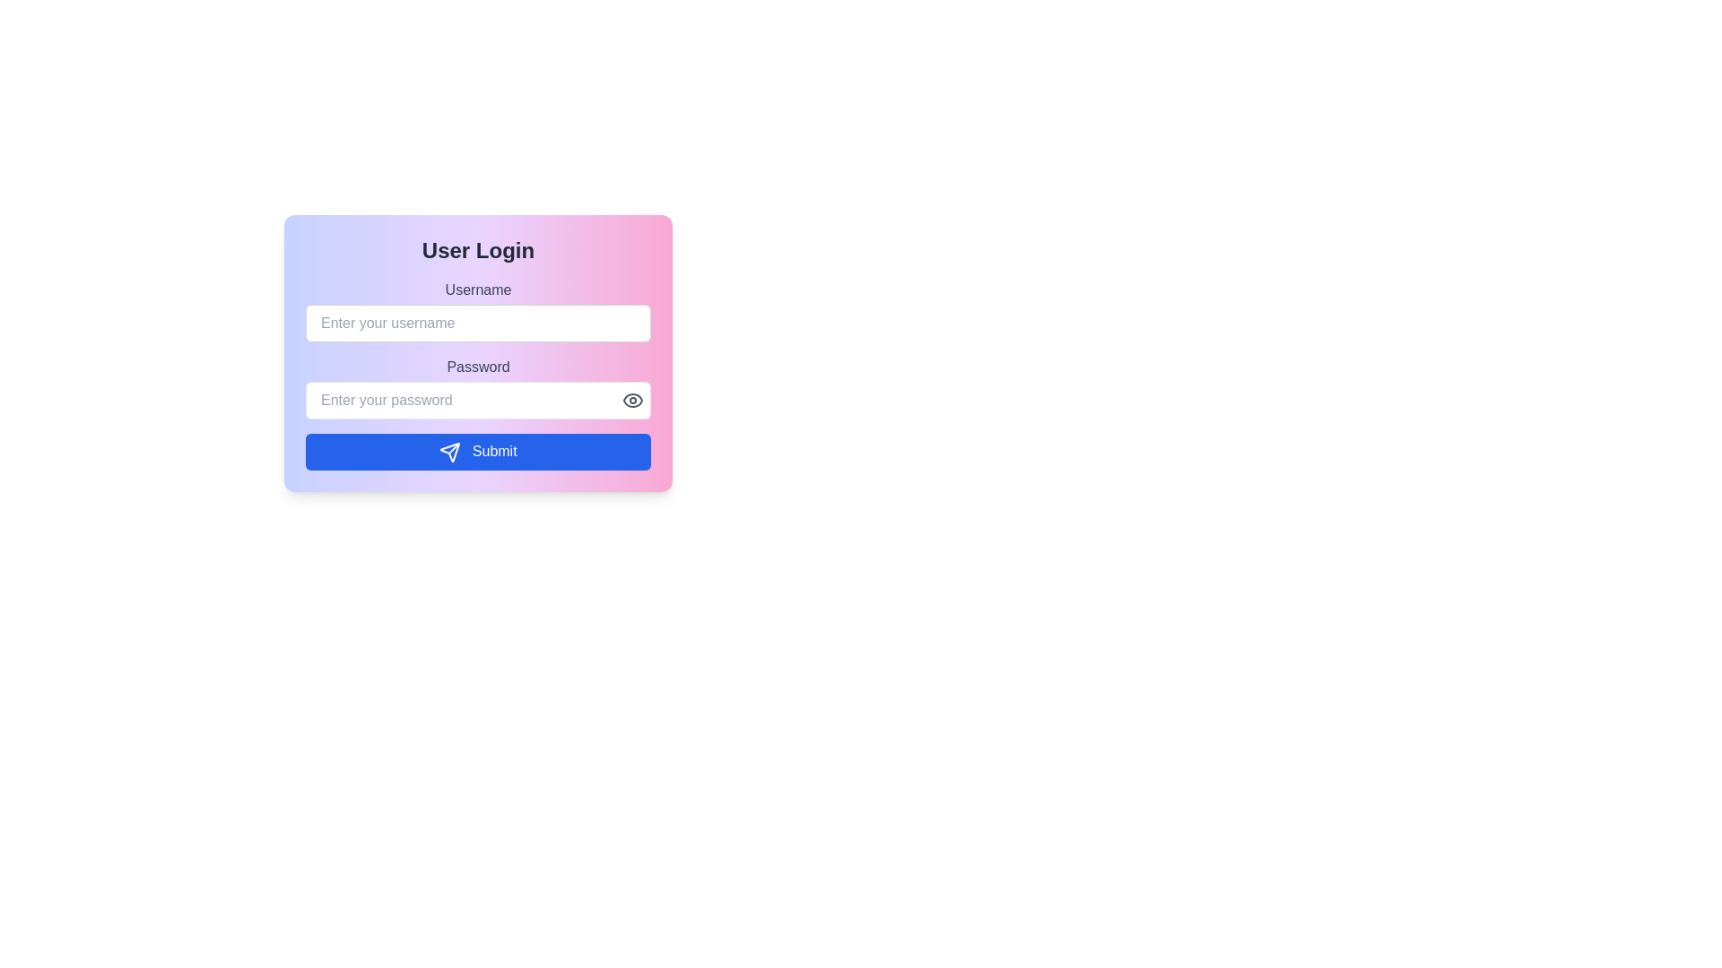 Image resolution: width=1722 pixels, height=968 pixels. I want to click on the eye-shaped icon located to the right of the Password field in the user login interface for potential visual feedback, so click(632, 400).